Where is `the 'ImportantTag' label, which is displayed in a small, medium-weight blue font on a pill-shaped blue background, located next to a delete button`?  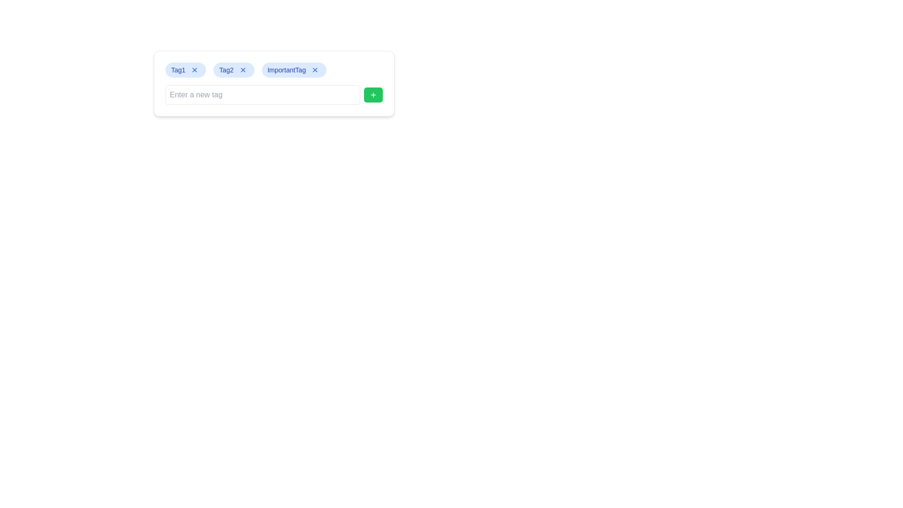
the 'ImportantTag' label, which is displayed in a small, medium-weight blue font on a pill-shaped blue background, located next to a delete button is located at coordinates (286, 70).